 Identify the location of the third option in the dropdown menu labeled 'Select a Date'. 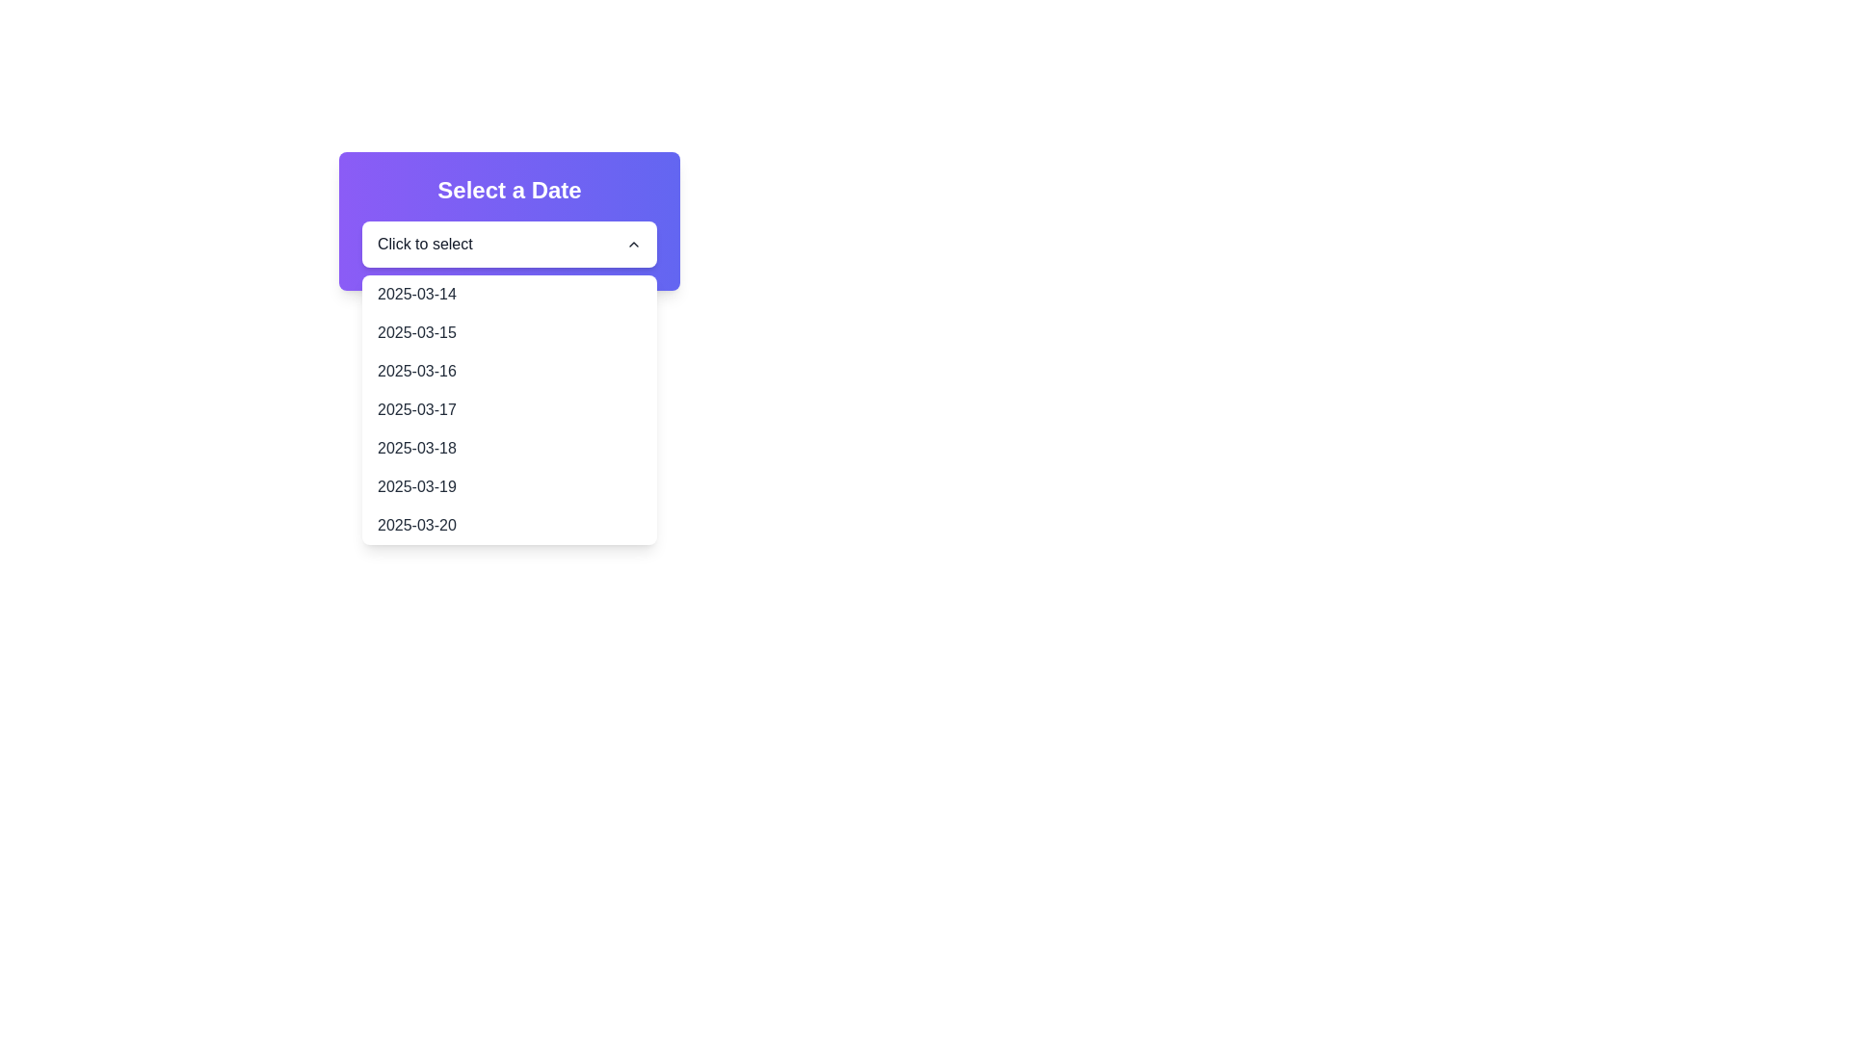
(509, 371).